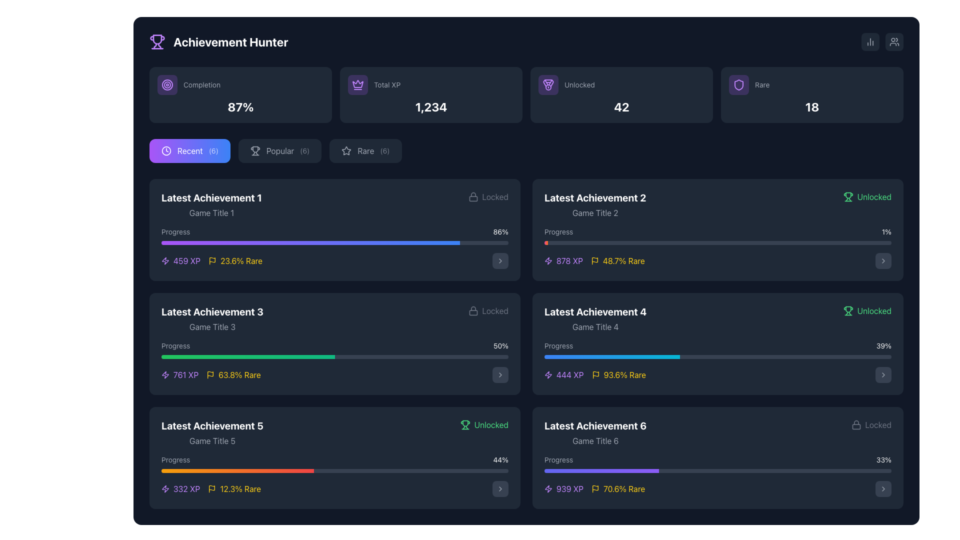 Image resolution: width=960 pixels, height=540 pixels. What do you see at coordinates (234, 488) in the screenshot?
I see `the rarity percentage displayed in the text element located at the bottom-left of the 'Latest Achievement 5' card, which indicates the uniqueness of the achievement` at bounding box center [234, 488].